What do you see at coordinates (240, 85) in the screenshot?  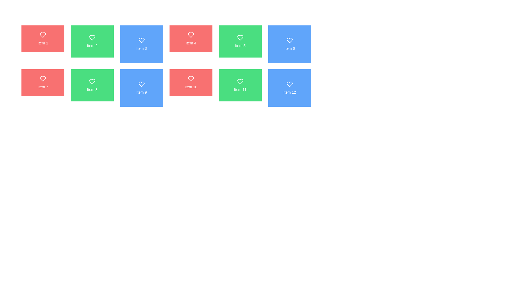 I see `the green rectangular box containing the white heart icon and the text 'Item 11'` at bounding box center [240, 85].